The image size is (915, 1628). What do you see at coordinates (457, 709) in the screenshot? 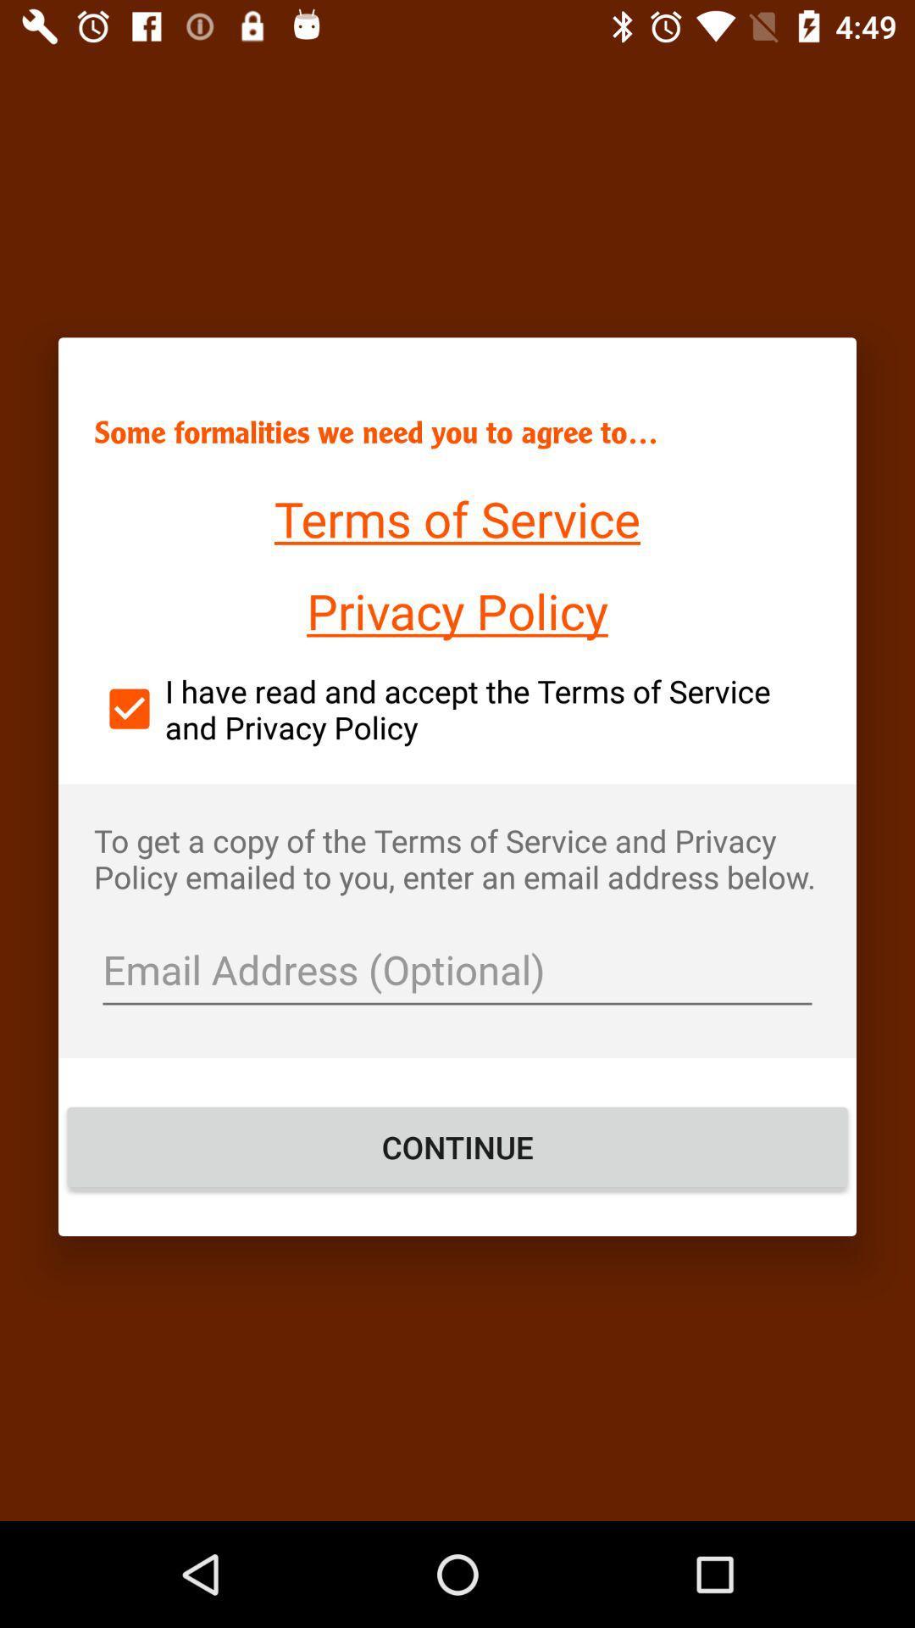
I see `i have read` at bounding box center [457, 709].